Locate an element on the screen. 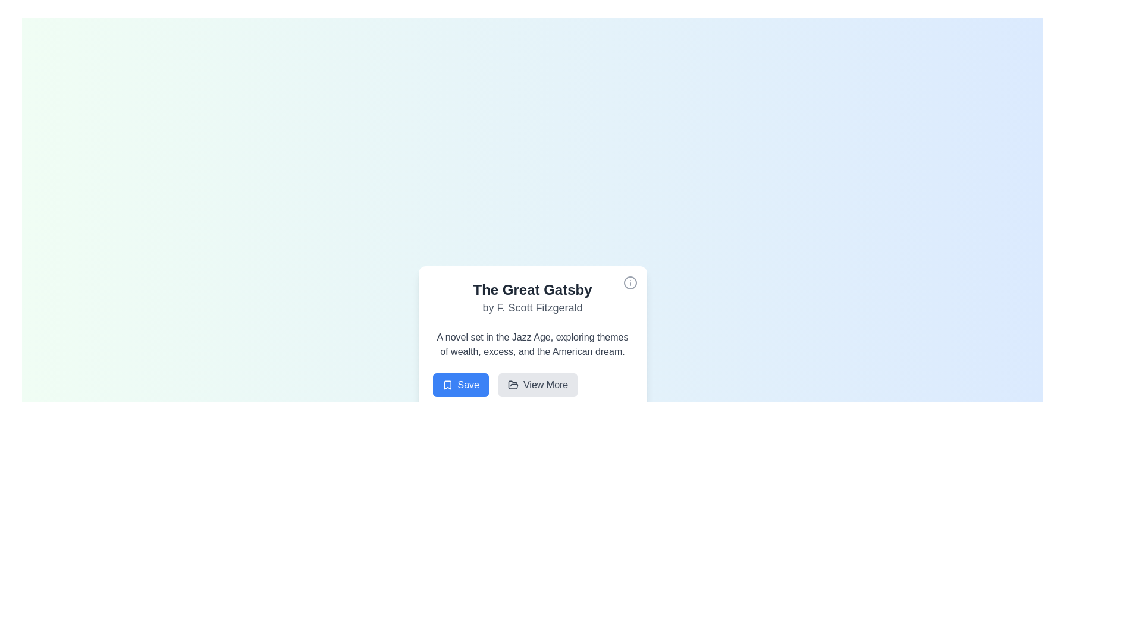 The width and height of the screenshot is (1142, 642). the bookmark icon located on the leftmost side of the 'Save' button is located at coordinates (447, 385).